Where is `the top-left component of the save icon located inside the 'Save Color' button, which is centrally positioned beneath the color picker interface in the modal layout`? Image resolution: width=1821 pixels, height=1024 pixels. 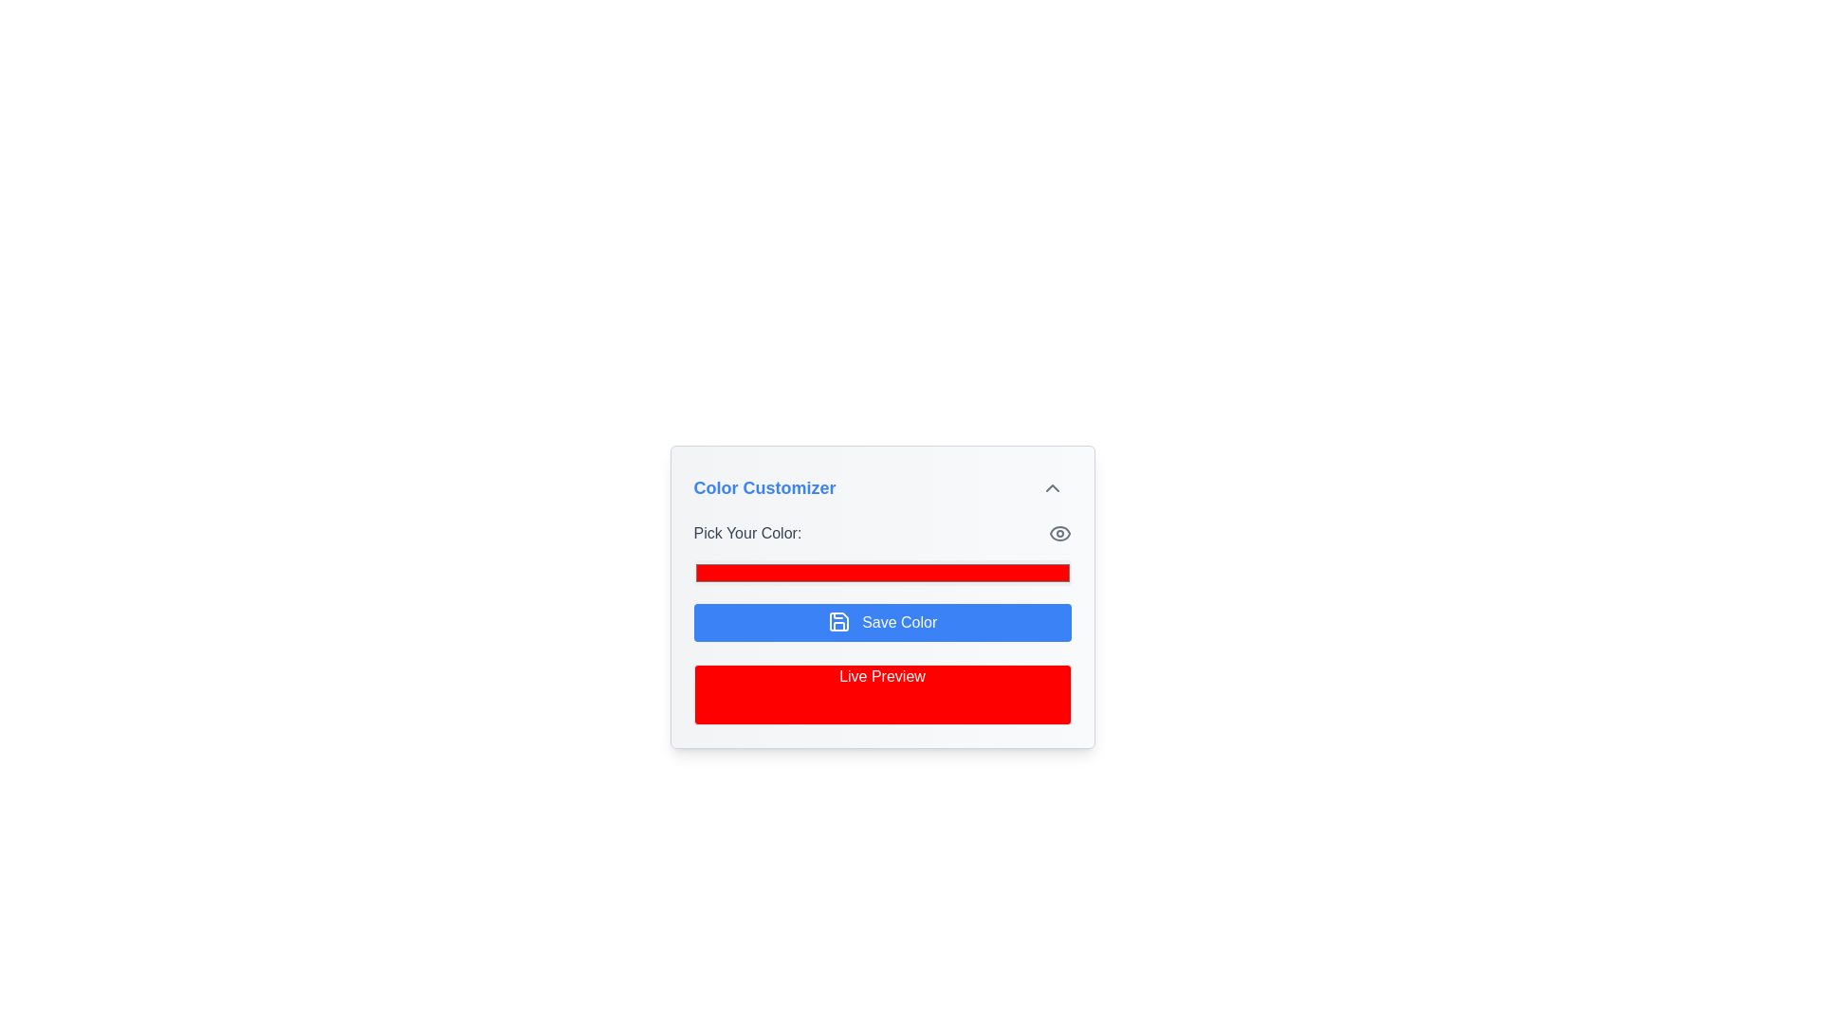
the top-left component of the save icon located inside the 'Save Color' button, which is centrally positioned beneath the color picker interface in the modal layout is located at coordinates (837, 621).